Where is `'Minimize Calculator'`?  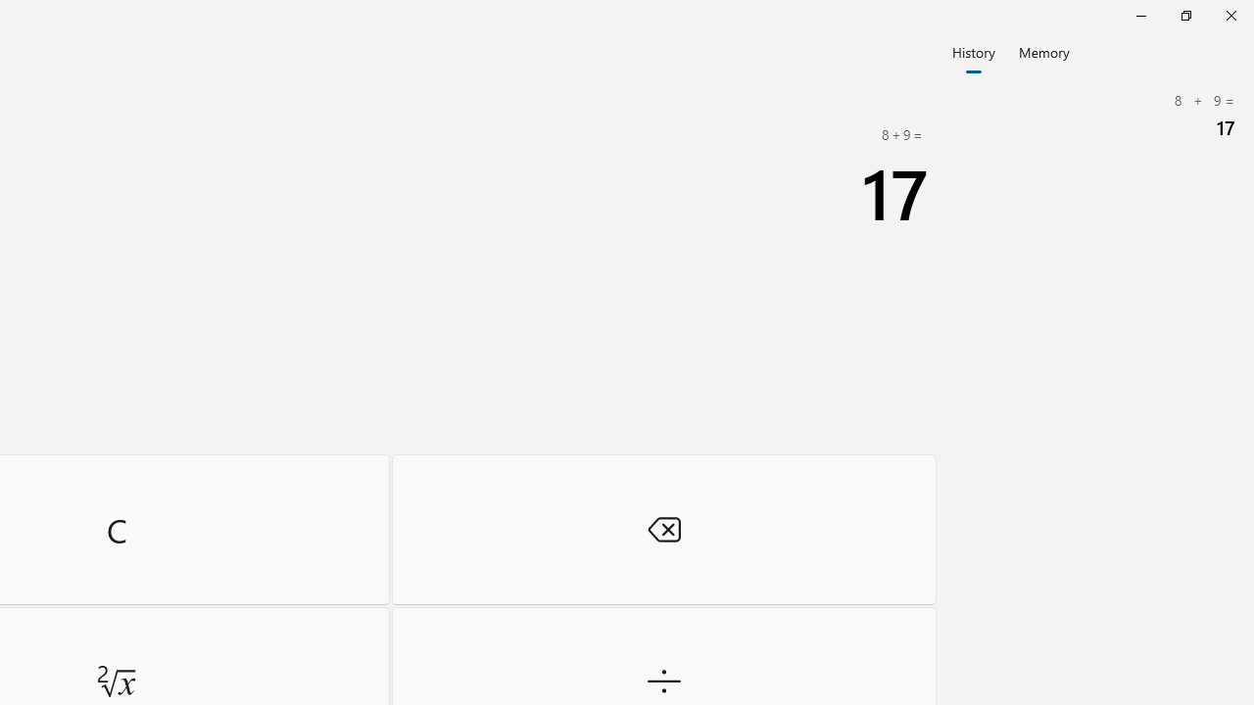 'Minimize Calculator' is located at coordinates (1140, 15).